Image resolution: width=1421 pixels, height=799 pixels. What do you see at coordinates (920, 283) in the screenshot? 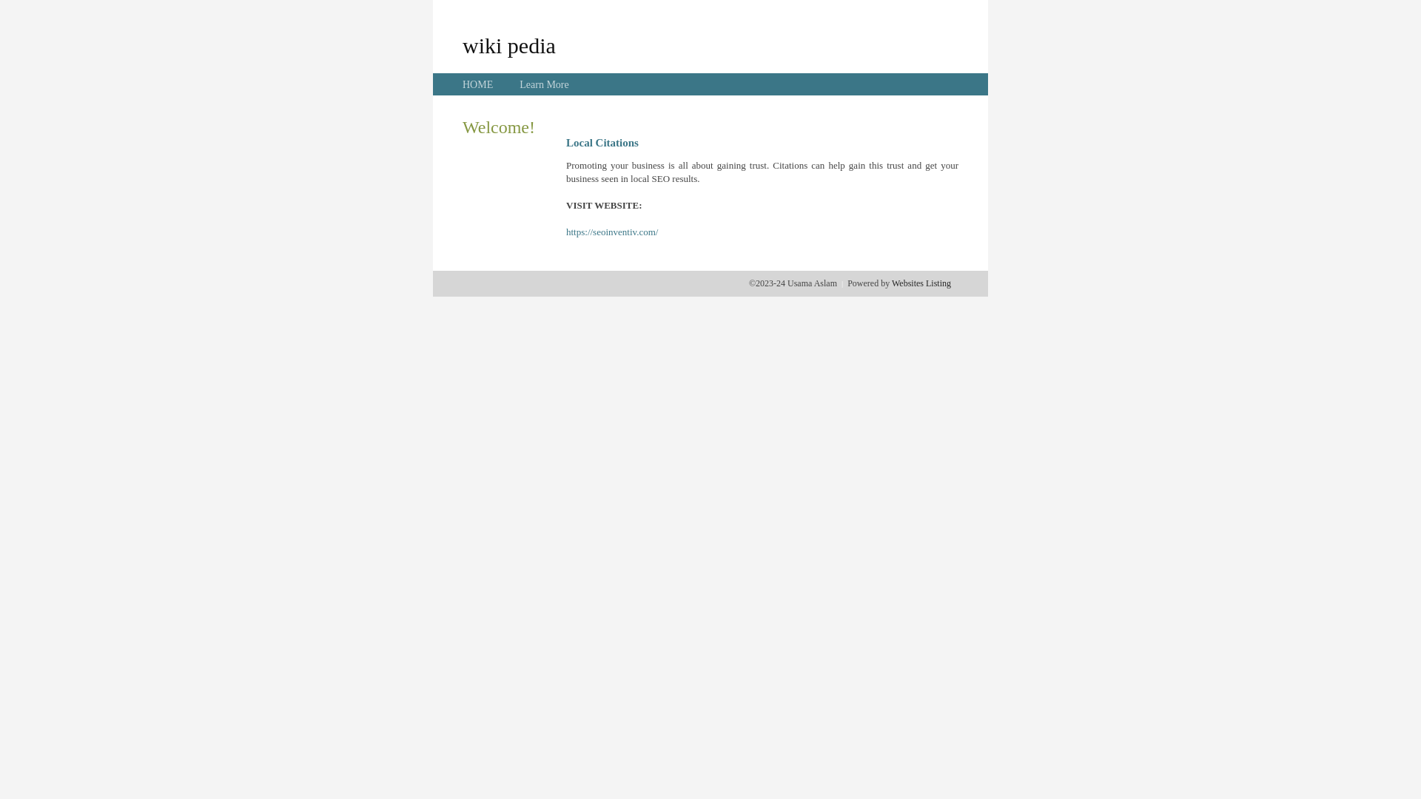
I see `'Websites Listing'` at bounding box center [920, 283].